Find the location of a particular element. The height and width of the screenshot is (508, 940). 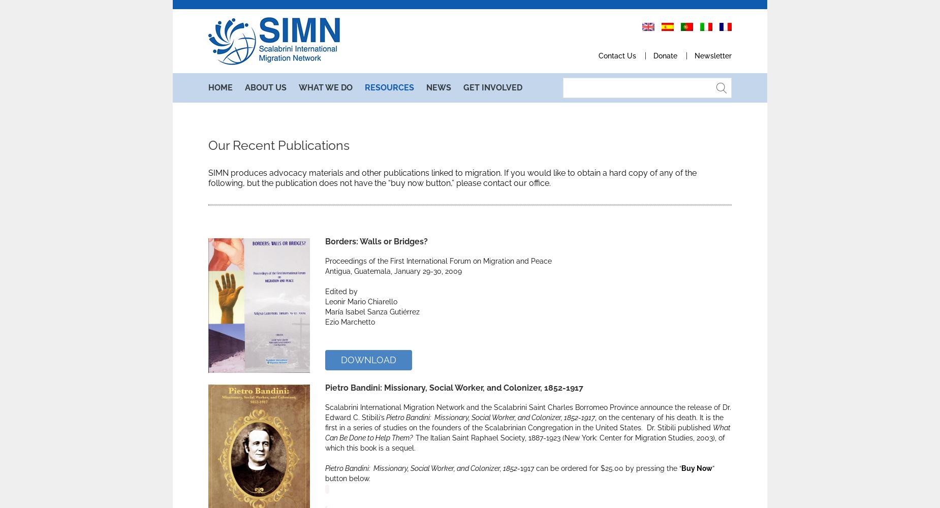

'History' is located at coordinates (262, 145).